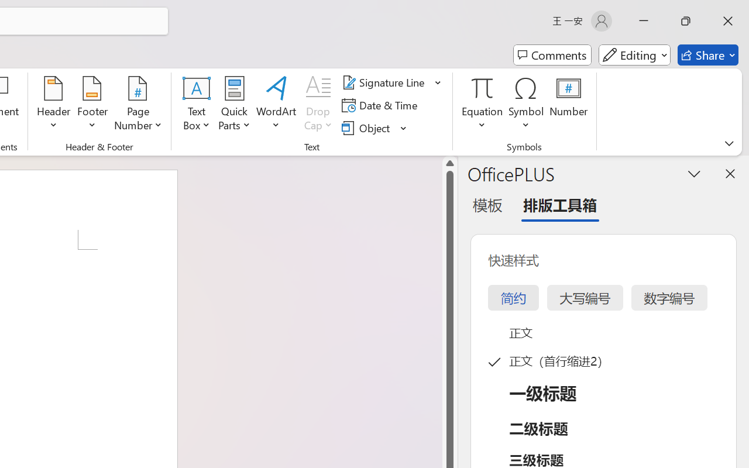  What do you see at coordinates (367, 128) in the screenshot?
I see `'Object...'` at bounding box center [367, 128].